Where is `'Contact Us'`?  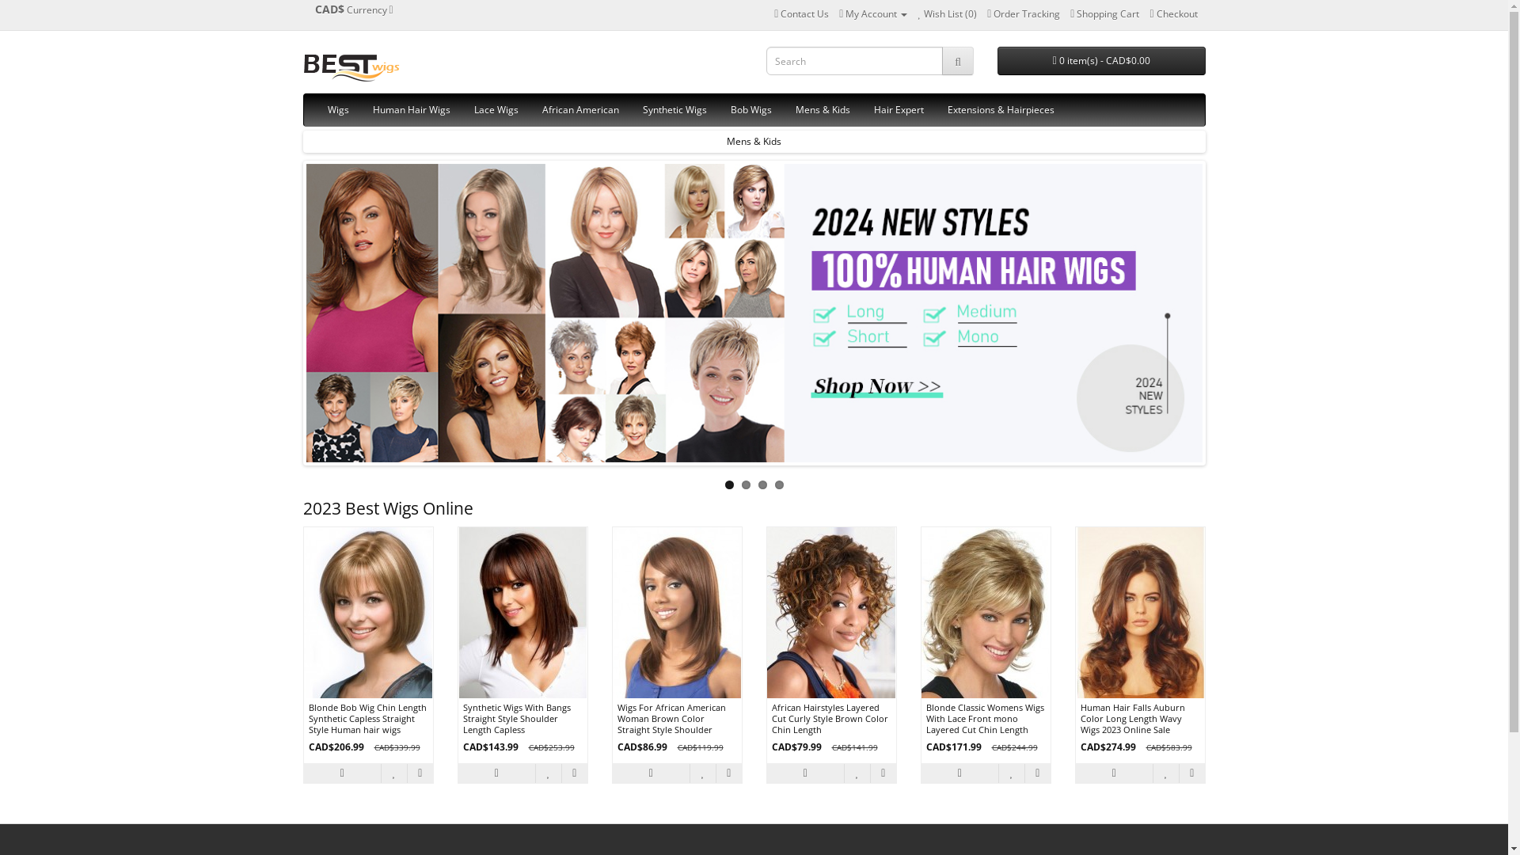 'Contact Us' is located at coordinates (801, 13).